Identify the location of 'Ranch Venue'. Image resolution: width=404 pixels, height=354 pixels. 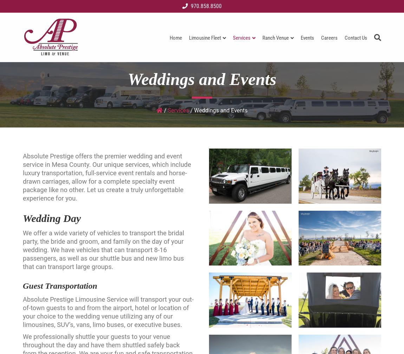
(275, 38).